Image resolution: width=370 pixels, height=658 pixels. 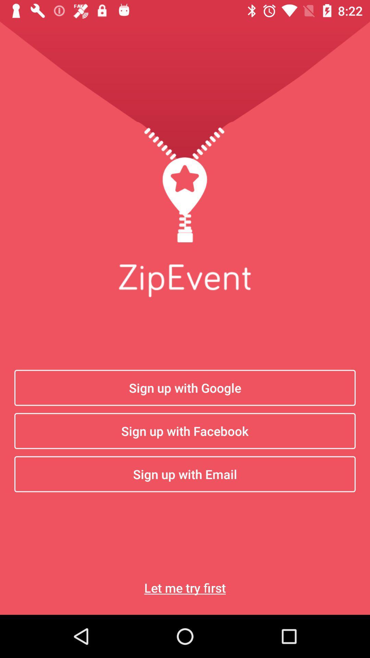 What do you see at coordinates (185, 587) in the screenshot?
I see `the let me try` at bounding box center [185, 587].